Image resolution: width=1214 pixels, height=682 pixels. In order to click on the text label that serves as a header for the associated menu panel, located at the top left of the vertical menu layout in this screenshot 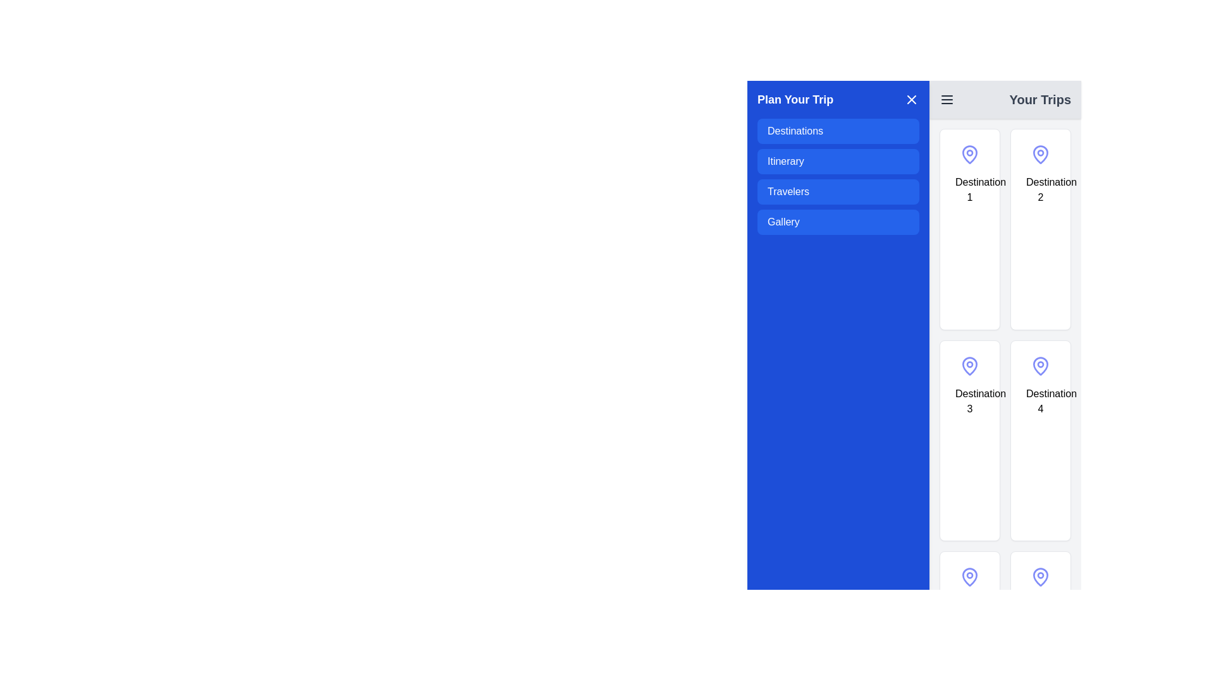, I will do `click(795, 99)`.